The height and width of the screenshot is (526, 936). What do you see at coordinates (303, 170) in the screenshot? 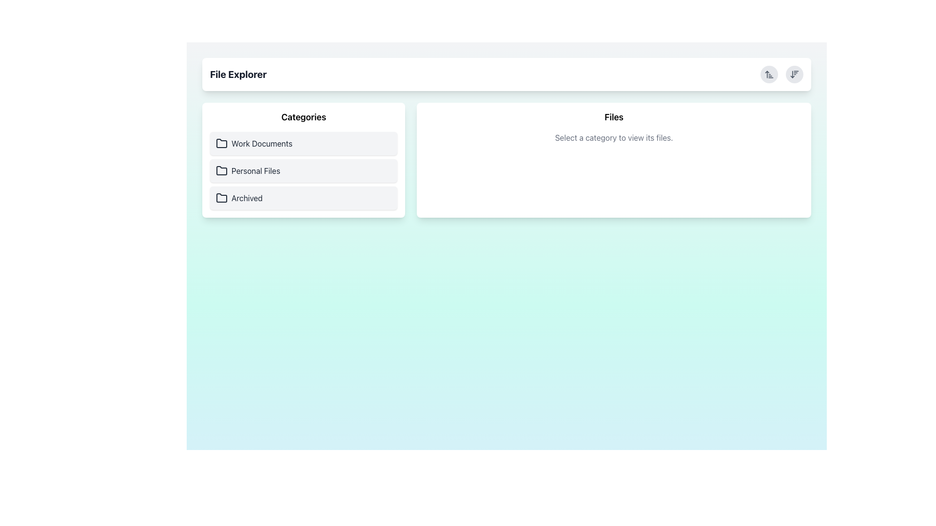
I see `the 'Personal Files' button, which is the second item in the vertical list of categories located in the left panel of the interface` at bounding box center [303, 170].